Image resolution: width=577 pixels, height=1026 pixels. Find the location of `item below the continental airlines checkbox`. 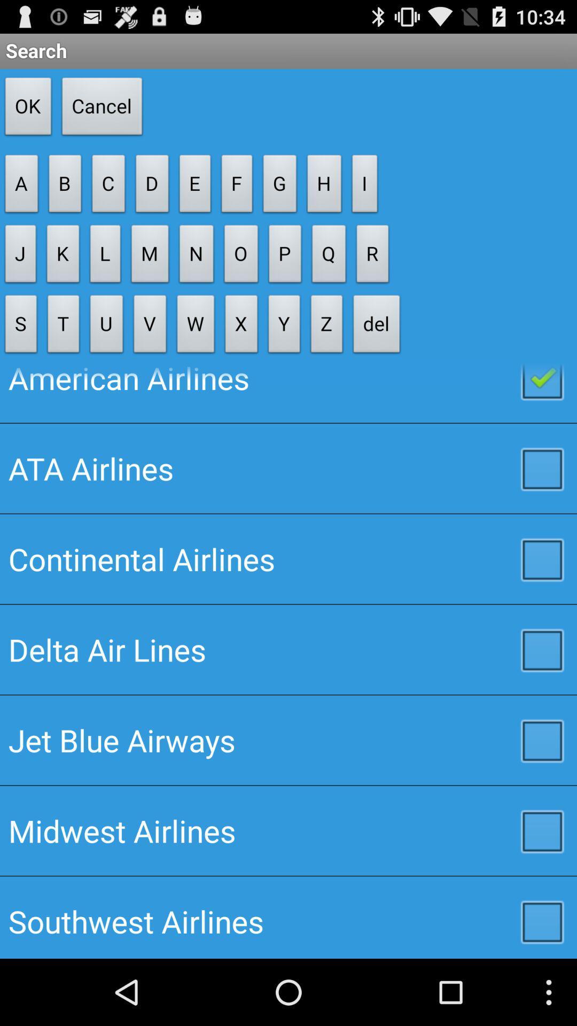

item below the continental airlines checkbox is located at coordinates (288, 649).